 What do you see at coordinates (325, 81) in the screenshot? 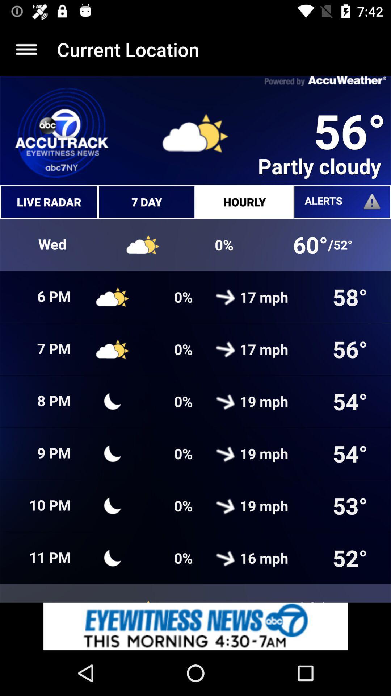
I see `the text on the top right corner of the web page` at bounding box center [325, 81].